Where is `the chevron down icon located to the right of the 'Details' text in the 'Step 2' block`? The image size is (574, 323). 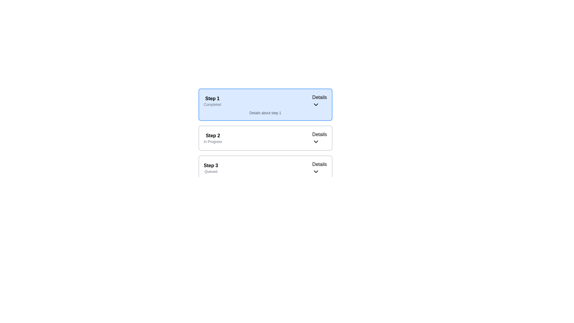 the chevron down icon located to the right of the 'Details' text in the 'Step 2' block is located at coordinates (315, 142).